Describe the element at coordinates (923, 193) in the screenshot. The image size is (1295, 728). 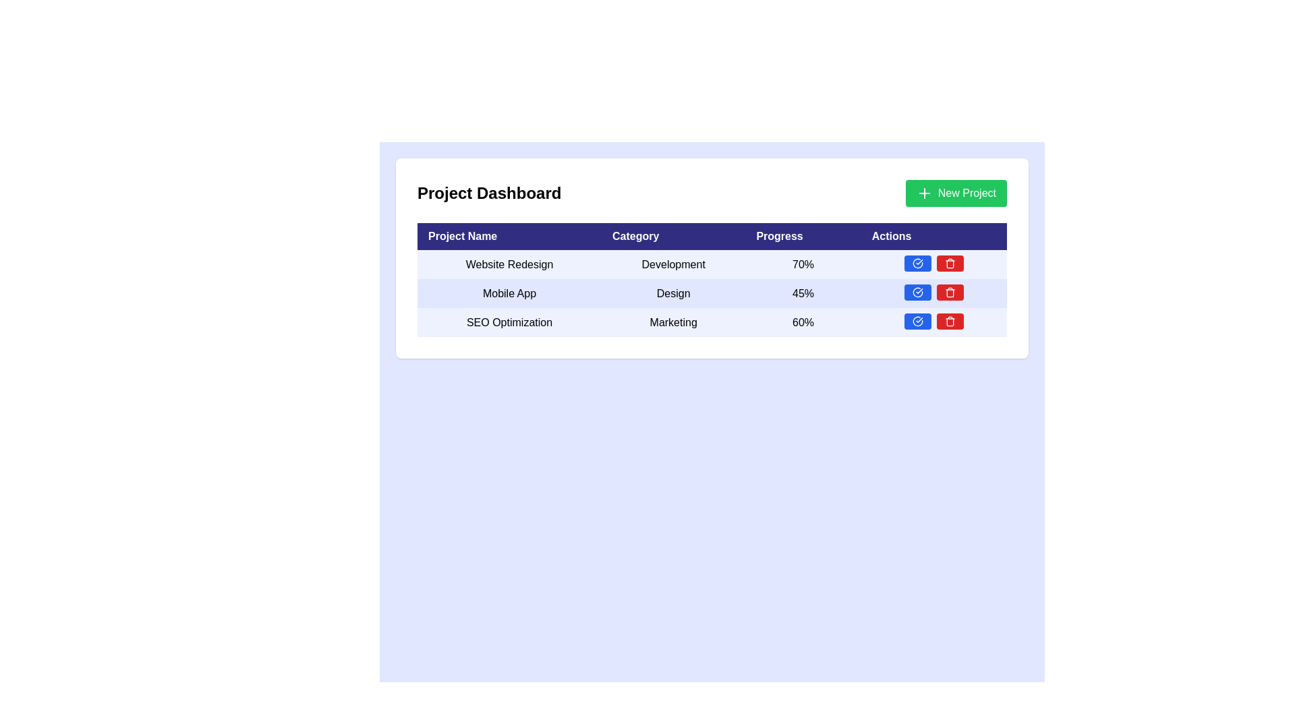
I see `the '+' icon with a green background located within the 'New Project' button in the upper-right corner of the main interface to invoke its action` at that location.